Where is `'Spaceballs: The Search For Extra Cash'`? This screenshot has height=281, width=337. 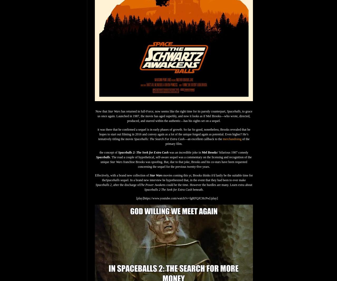 'Spaceballs: The Search For Extra Cash' is located at coordinates (159, 139).